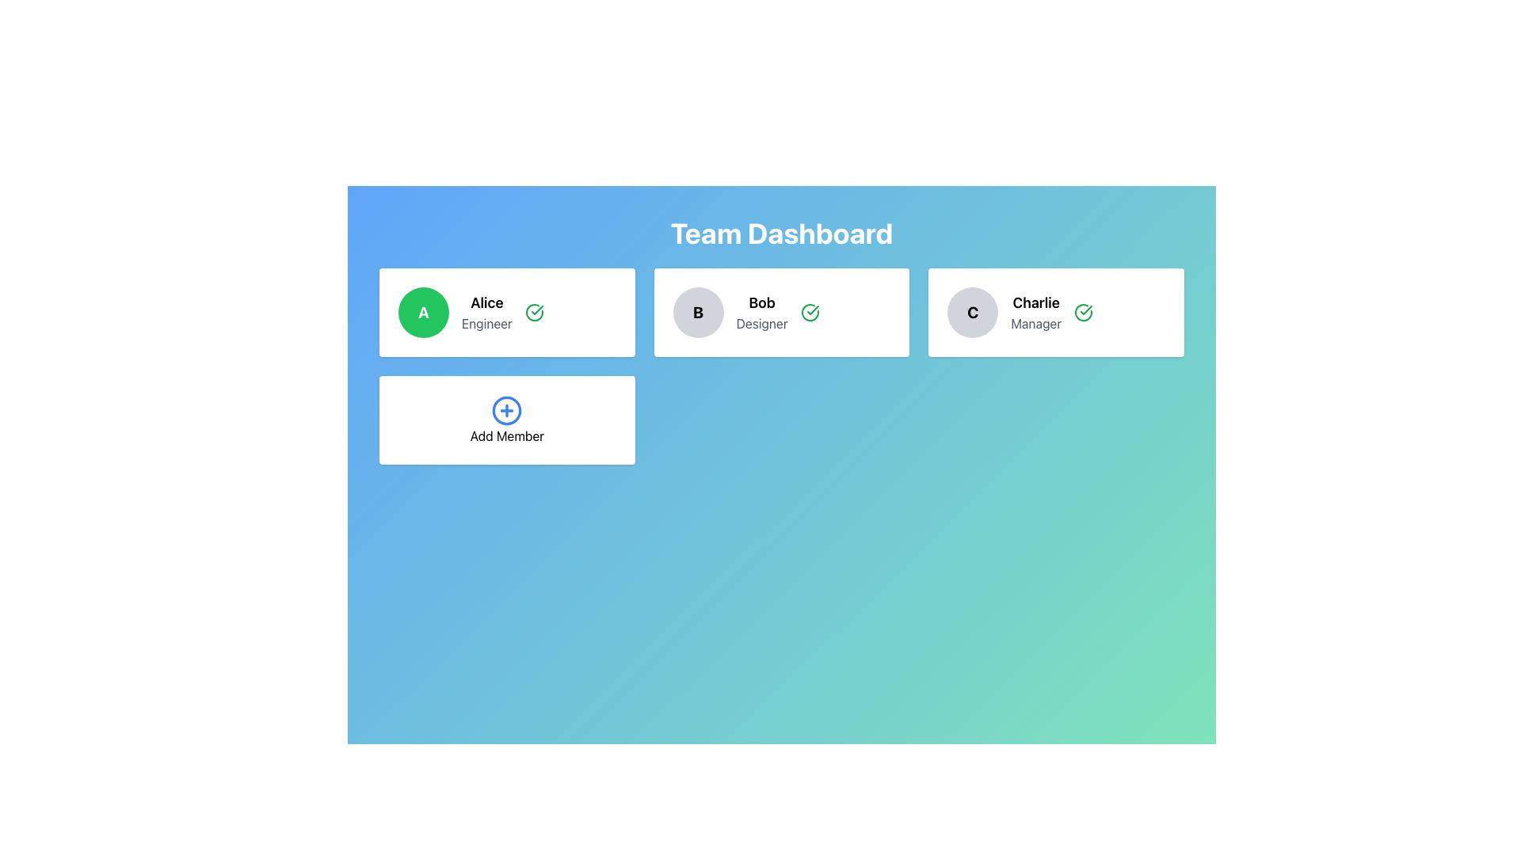  Describe the element at coordinates (486, 302) in the screenshot. I see `the text label displaying the name of the team member in focus, which is located on the left side of the team dashboard within the card labeled 'A', above the text 'Engineer' and next to the green circular avatar labeled 'A'` at that location.